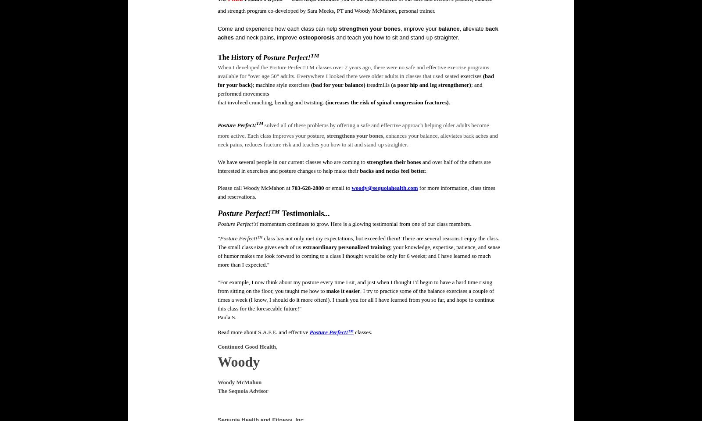 This screenshot has width=702, height=421. I want to click on '(increases the risk of spinal compression fractures)', so click(386, 102).